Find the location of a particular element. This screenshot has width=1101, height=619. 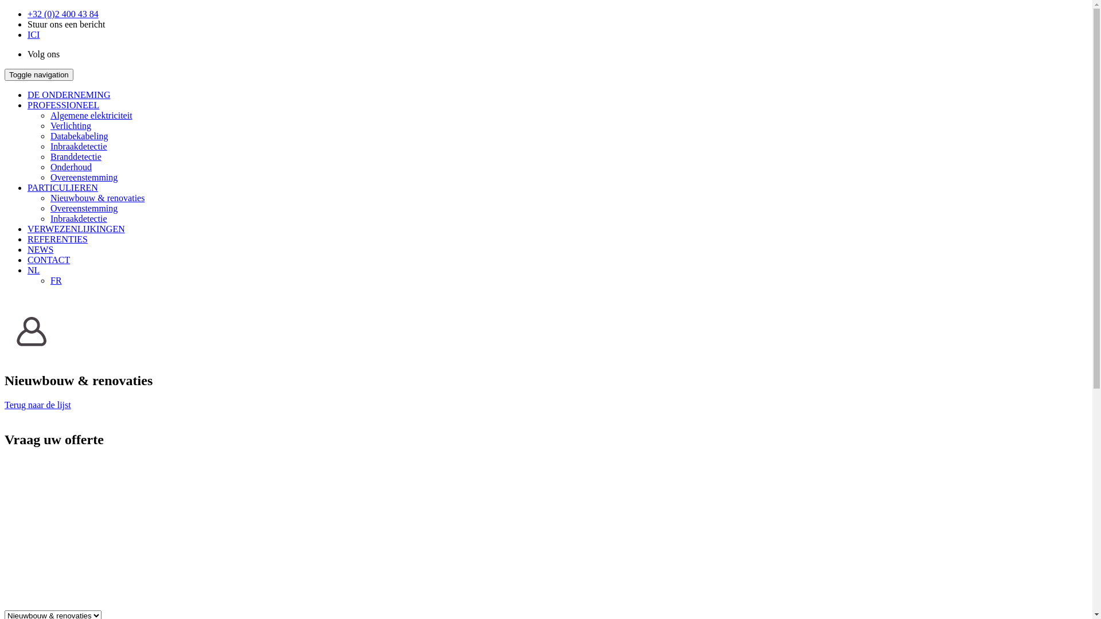

'Inbraakdetectie' is located at coordinates (78, 146).